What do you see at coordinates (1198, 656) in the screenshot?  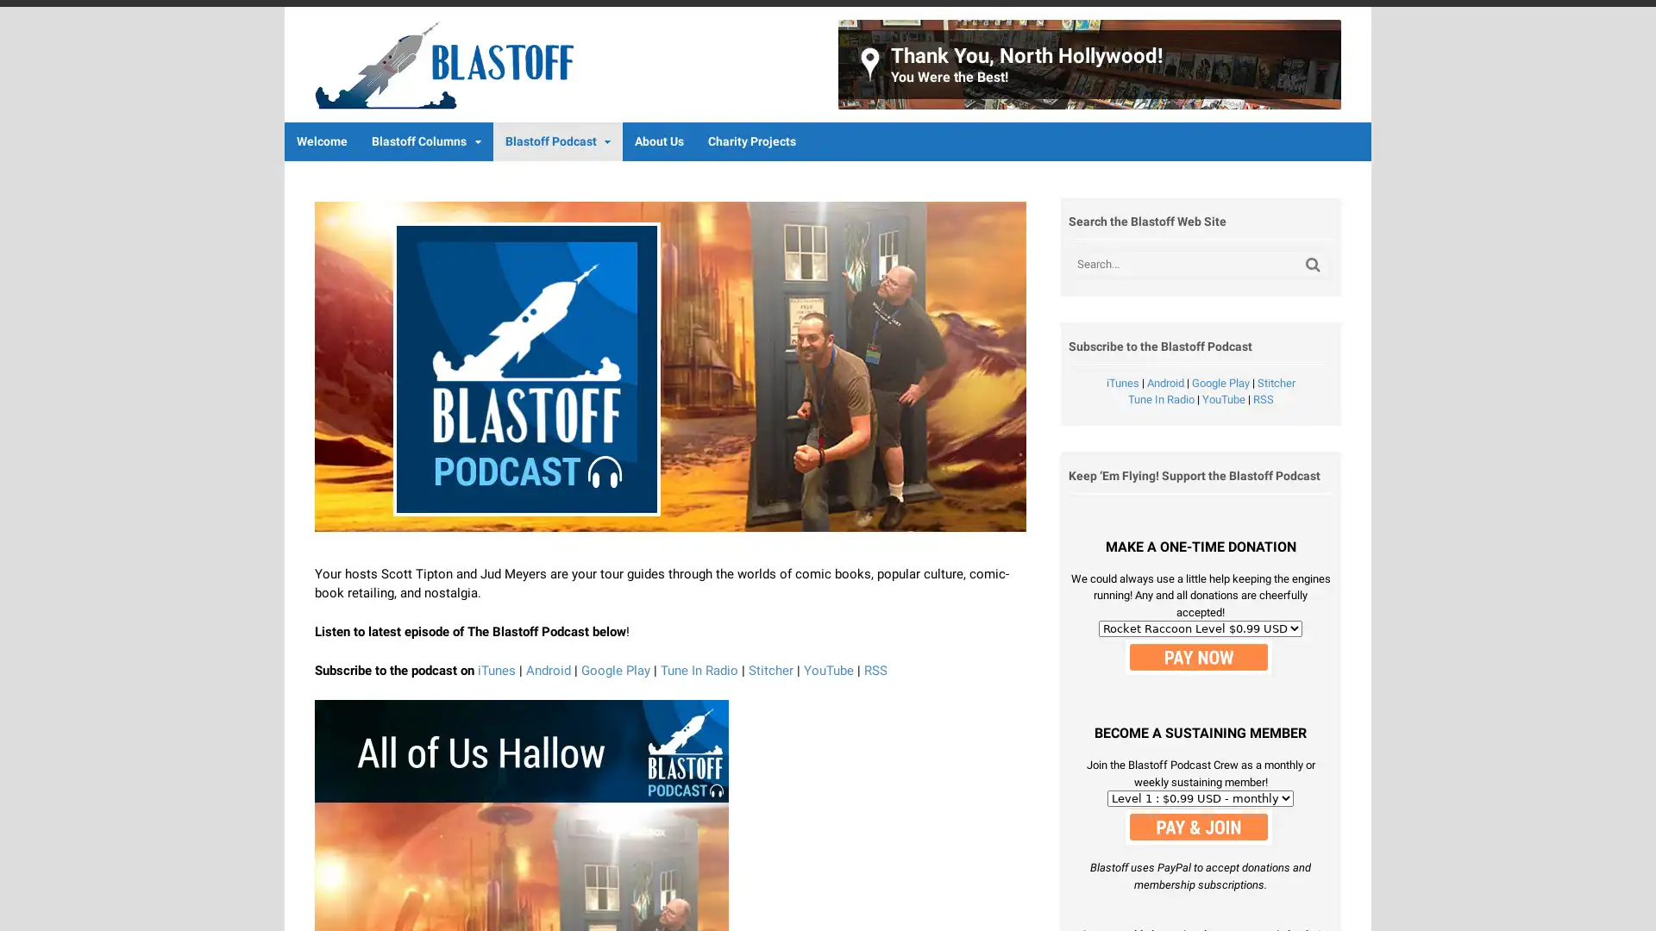 I see `PayPal - The safer, easier way to pay online!` at bounding box center [1198, 656].